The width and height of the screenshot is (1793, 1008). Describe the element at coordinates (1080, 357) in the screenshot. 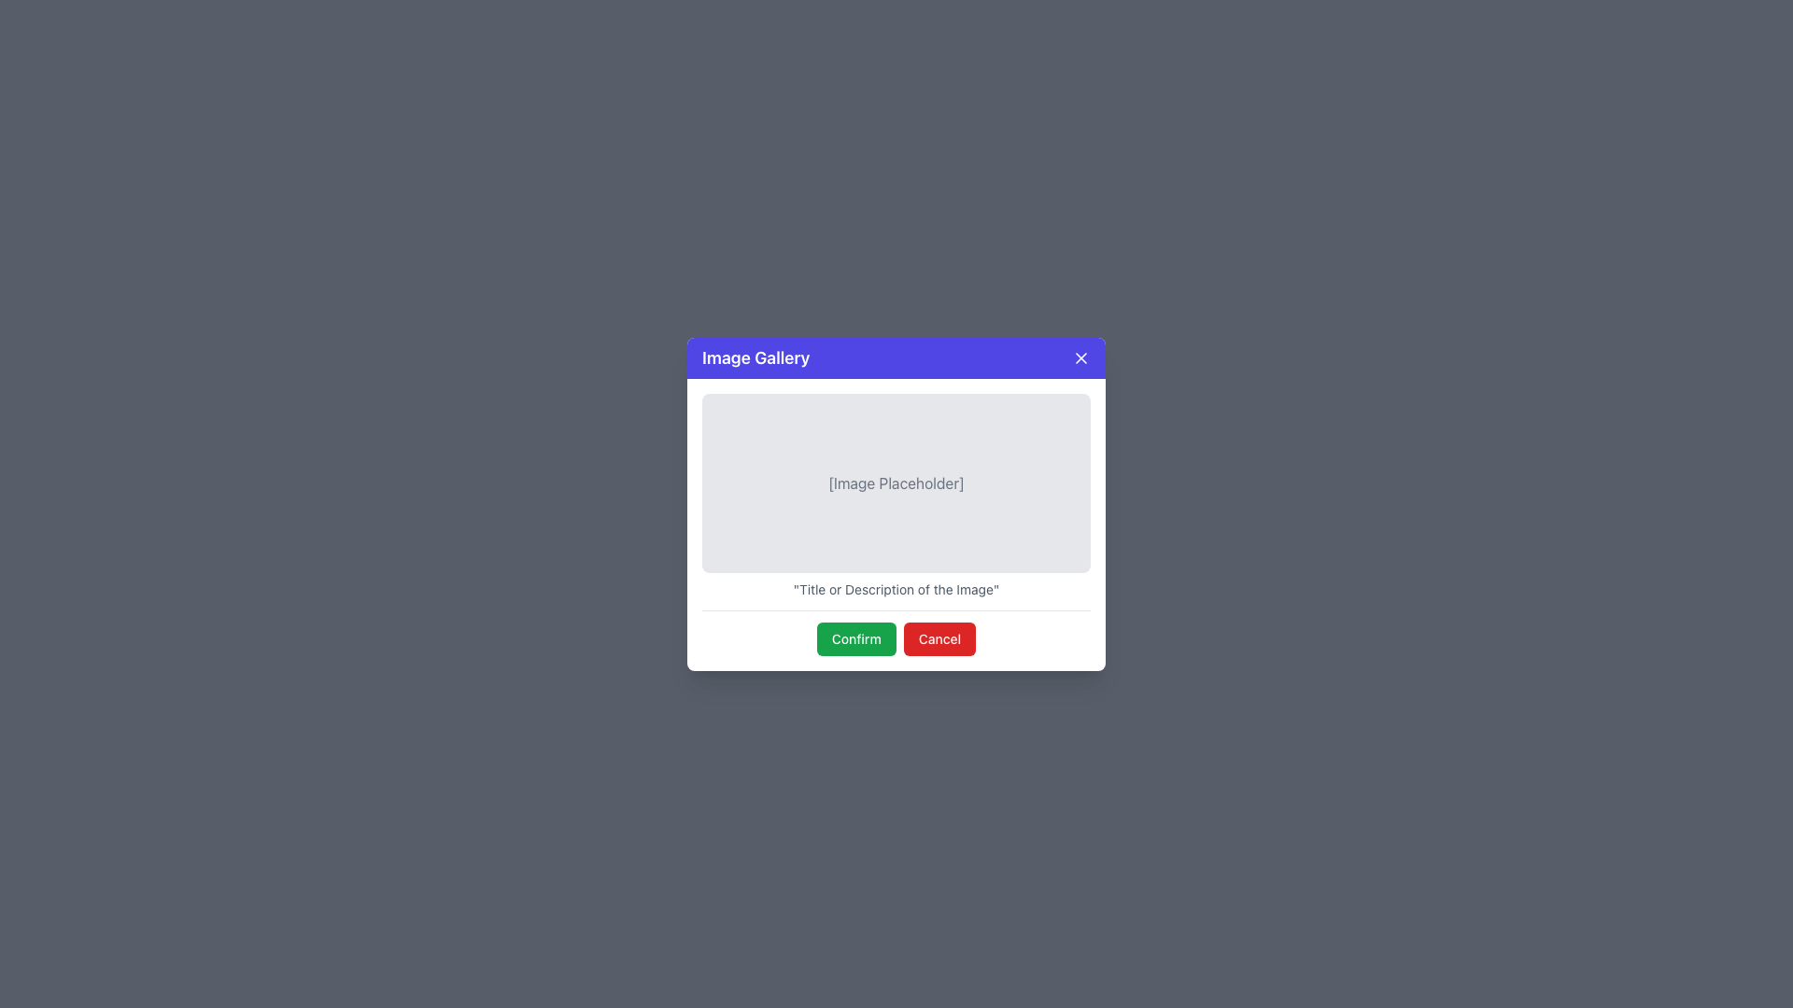

I see `the small purple close button with a circular 'X' icon located in the upper-right corner of the modal header labeled 'Image Gallery' to trigger any tooltip that may be implemented` at that location.